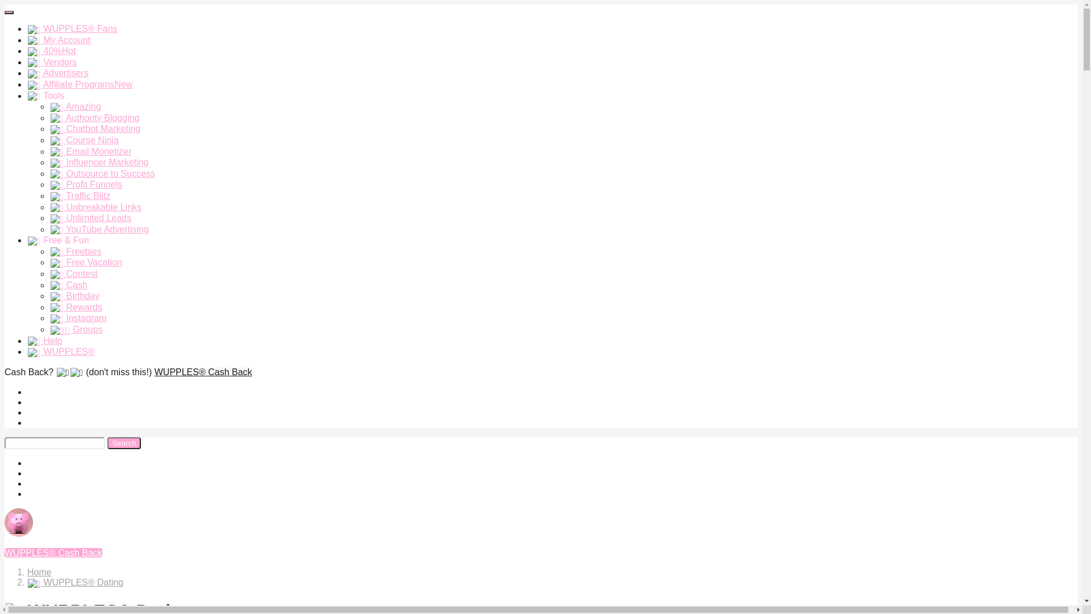 The height and width of the screenshot is (614, 1091). What do you see at coordinates (27, 39) in the screenshot?
I see `'My Account'` at bounding box center [27, 39].